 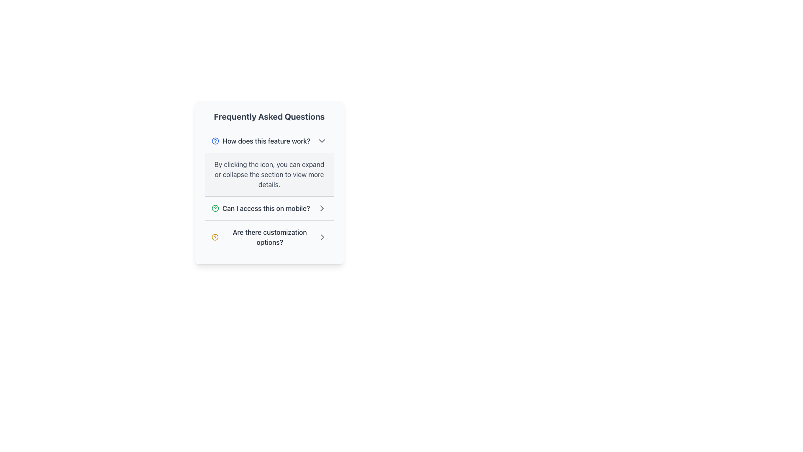 I want to click on the first expandable question in the FAQ section, so click(x=269, y=163).